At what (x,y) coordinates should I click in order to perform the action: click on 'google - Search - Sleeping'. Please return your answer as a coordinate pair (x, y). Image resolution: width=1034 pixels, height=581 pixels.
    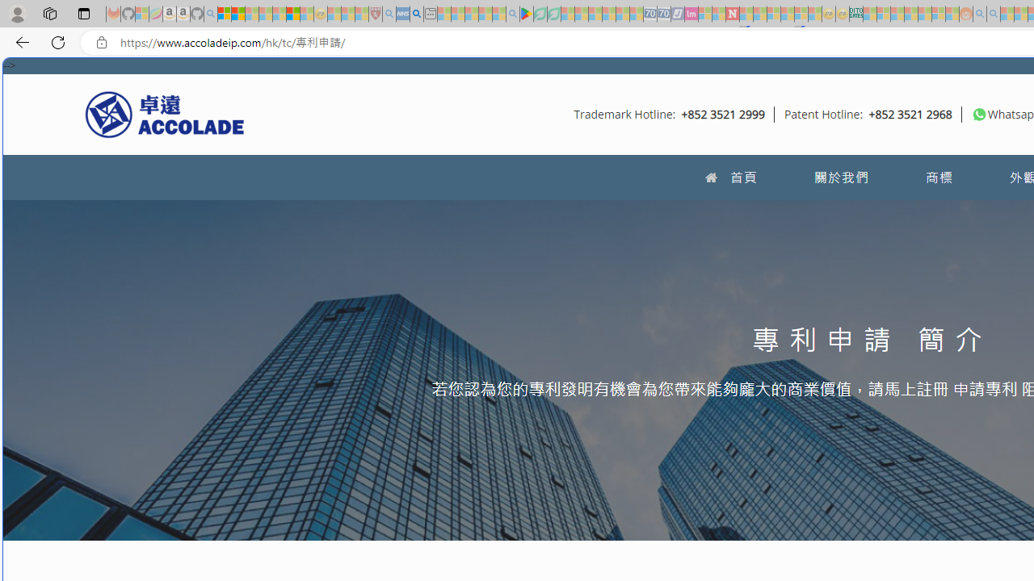
    Looking at the image, I should click on (511, 14).